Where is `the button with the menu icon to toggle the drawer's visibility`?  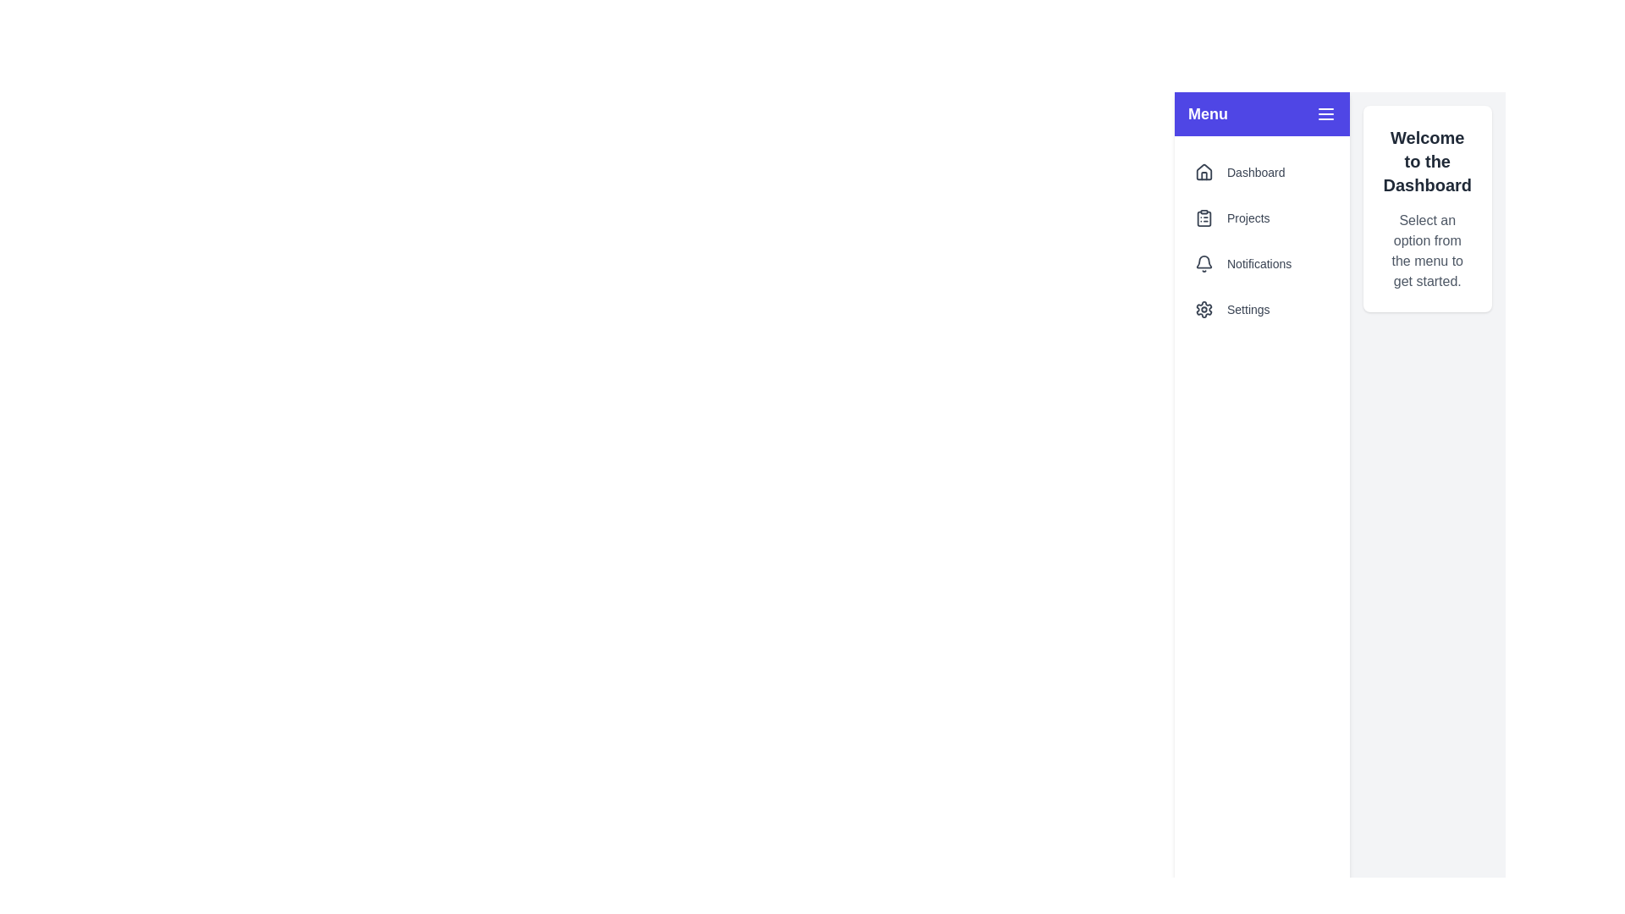
the button with the menu icon to toggle the drawer's visibility is located at coordinates (1325, 114).